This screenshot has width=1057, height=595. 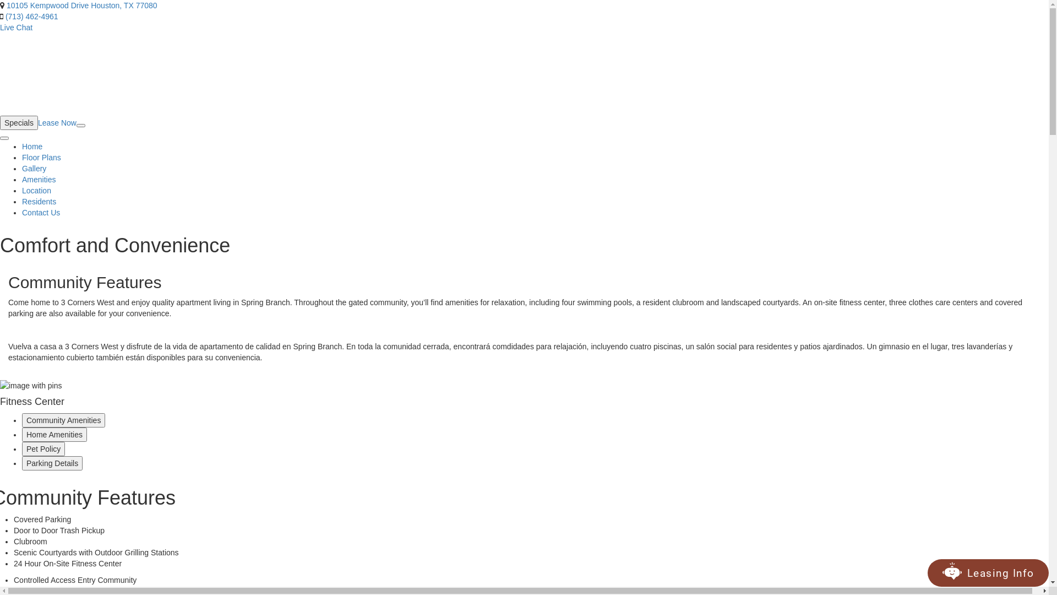 I want to click on '(713) 462-4961', so click(x=31, y=17).